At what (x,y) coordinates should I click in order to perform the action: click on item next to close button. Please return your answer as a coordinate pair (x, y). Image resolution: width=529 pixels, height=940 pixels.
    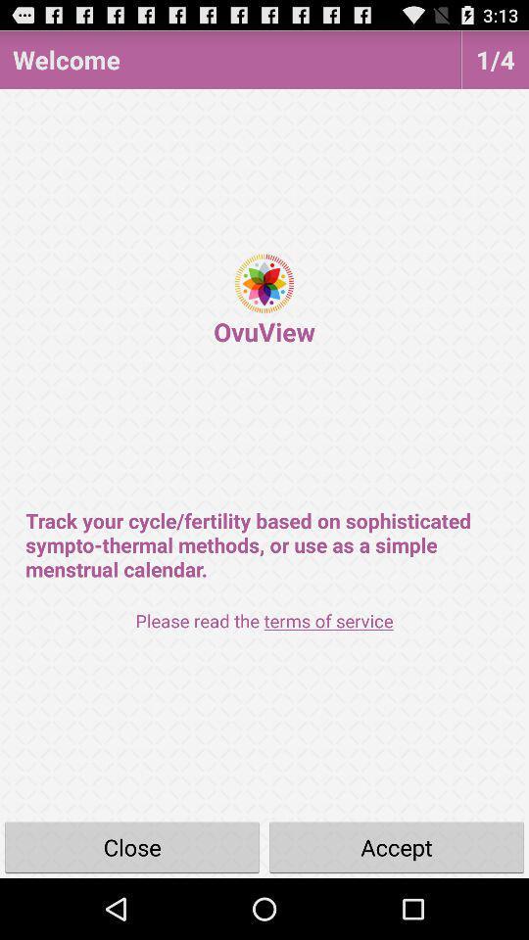
    Looking at the image, I should click on (397, 846).